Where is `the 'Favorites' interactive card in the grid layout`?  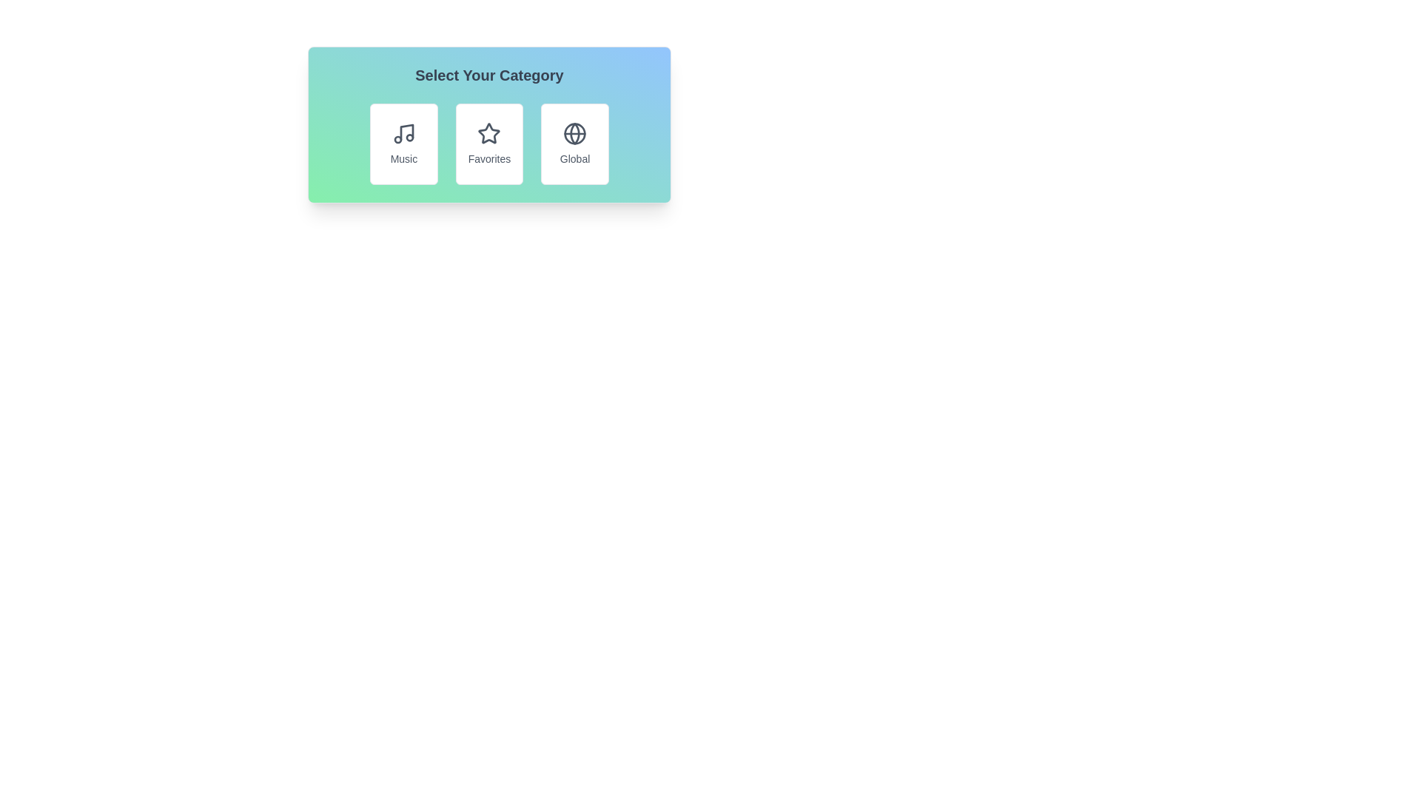 the 'Favorites' interactive card in the grid layout is located at coordinates (489, 144).